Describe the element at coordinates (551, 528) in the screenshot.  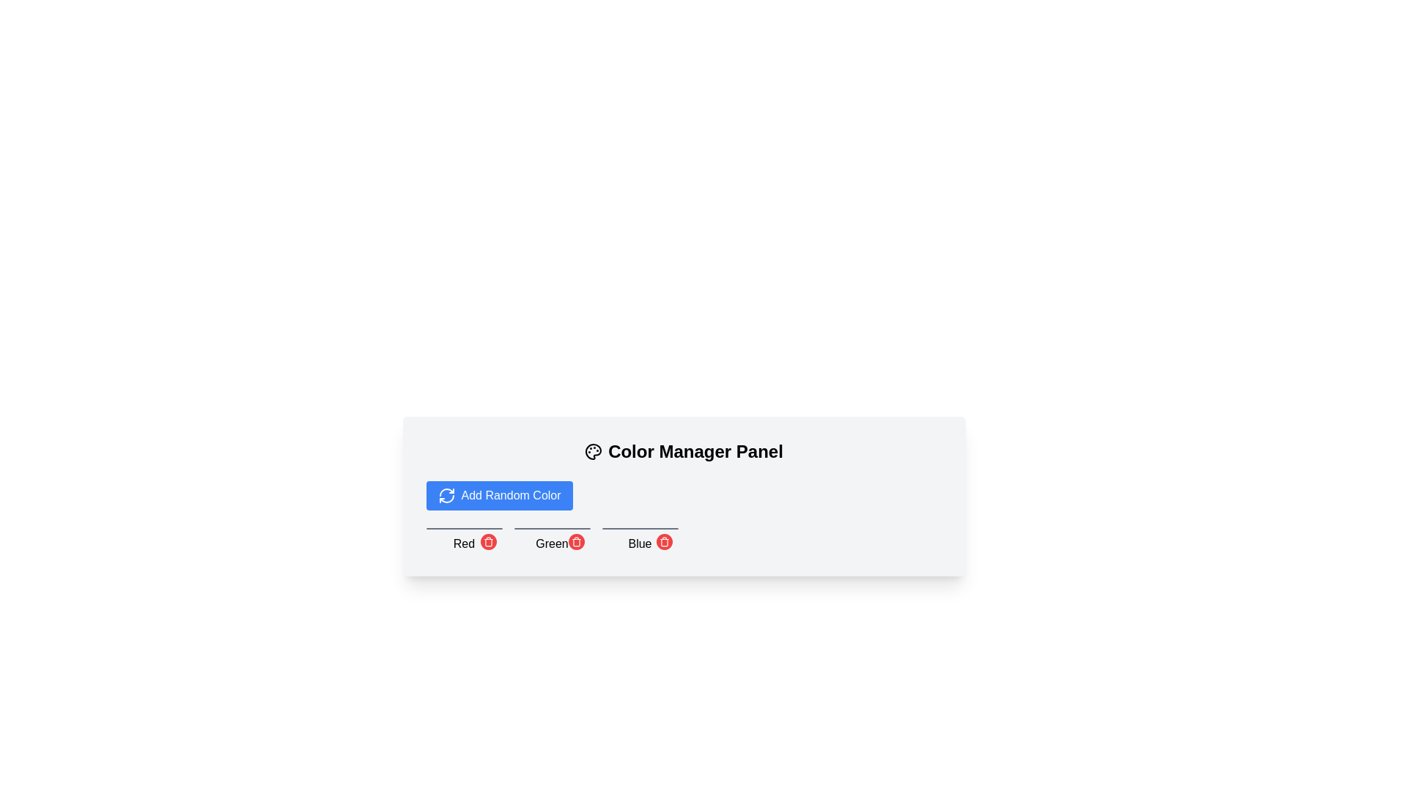
I see `the solid green decorative bar located centrally below the text label 'Green'` at that location.